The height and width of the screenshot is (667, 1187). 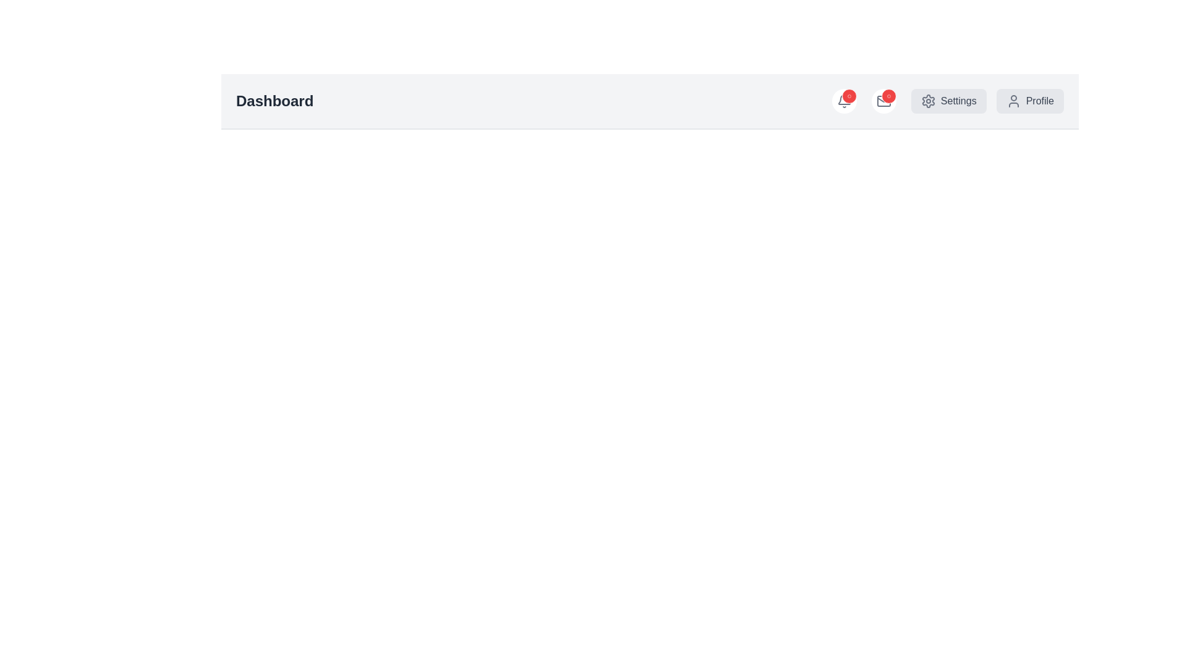 I want to click on the settings button located at the top-right of the interface, so click(x=948, y=101).